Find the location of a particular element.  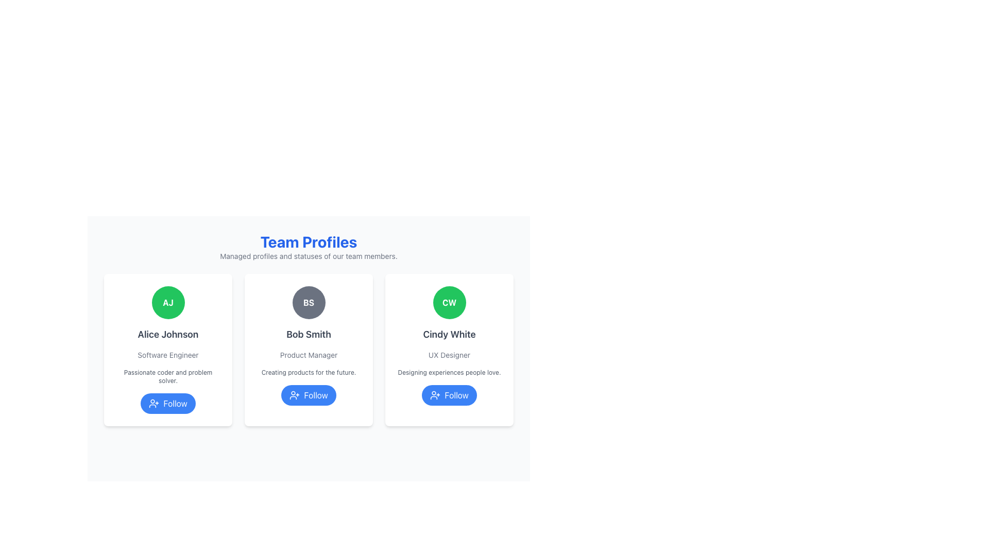

the circular icon indicating the purpose of the 'Follow' button, located to the left of the 'Follow' button text in the bottom section of the rightmost profile card is located at coordinates (435, 394).